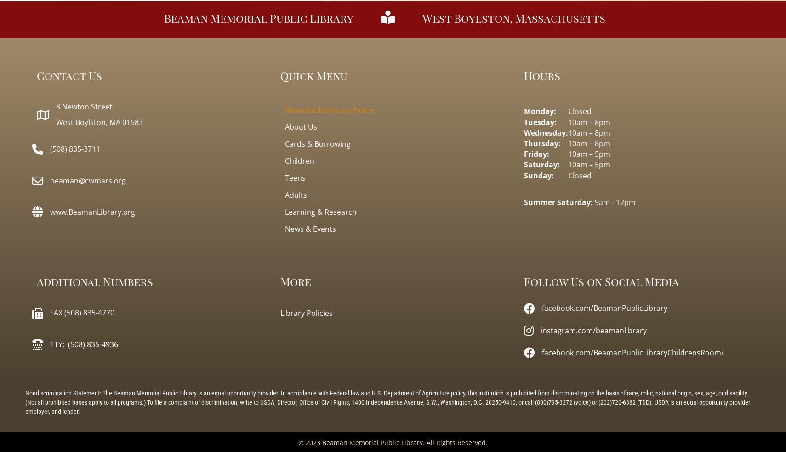  Describe the element at coordinates (535, 154) in the screenshot. I see `'Friday:'` at that location.